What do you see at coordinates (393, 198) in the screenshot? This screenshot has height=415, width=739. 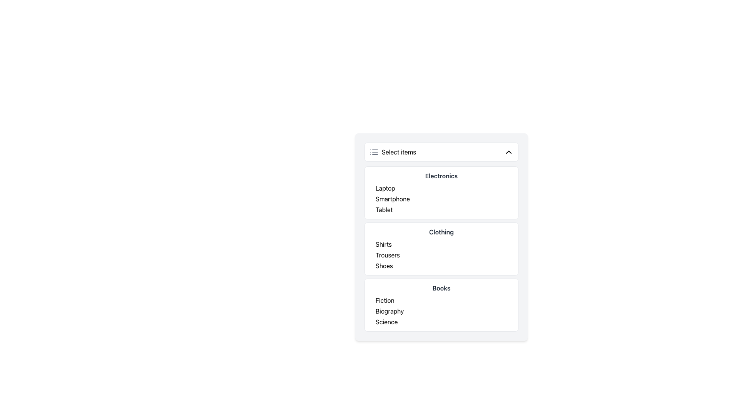 I see `the 'Smartphone' option located as the second list item under the 'Electronics' category in the dropdown menu` at bounding box center [393, 198].